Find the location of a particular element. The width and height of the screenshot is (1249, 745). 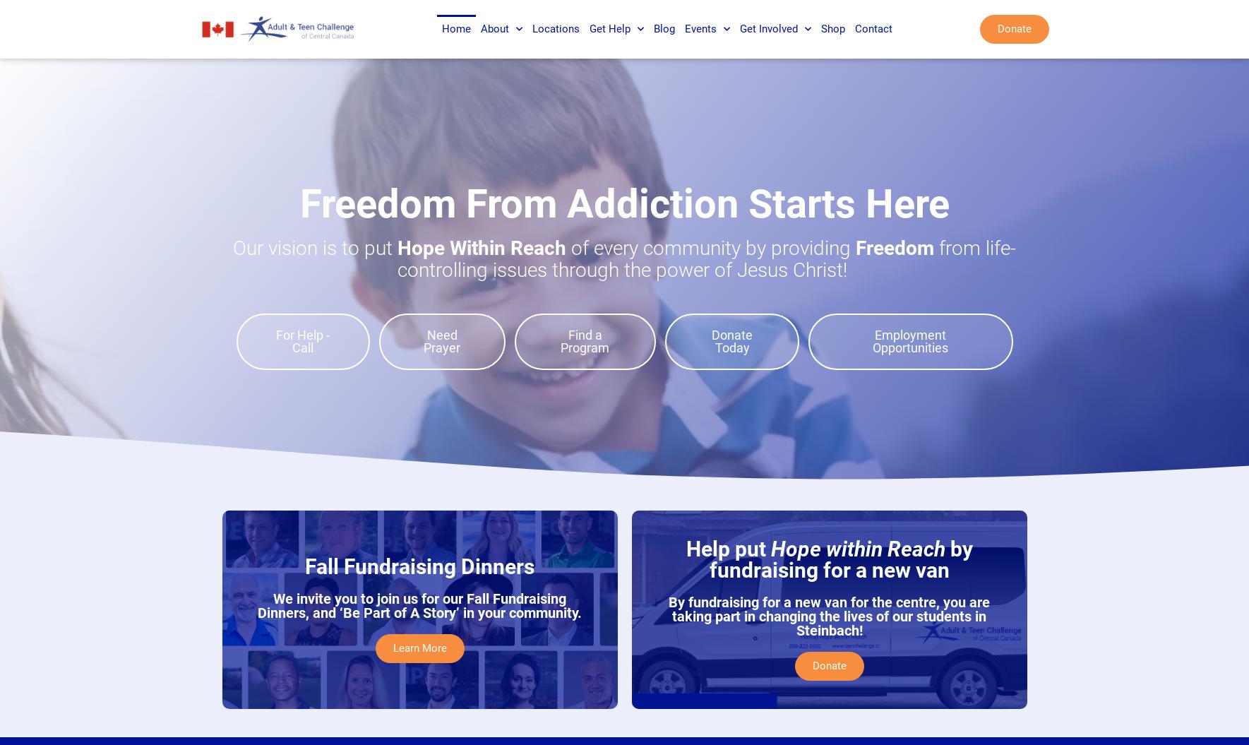

'from life-controlling issues through the power of Jesus Christ!' is located at coordinates (397, 259).